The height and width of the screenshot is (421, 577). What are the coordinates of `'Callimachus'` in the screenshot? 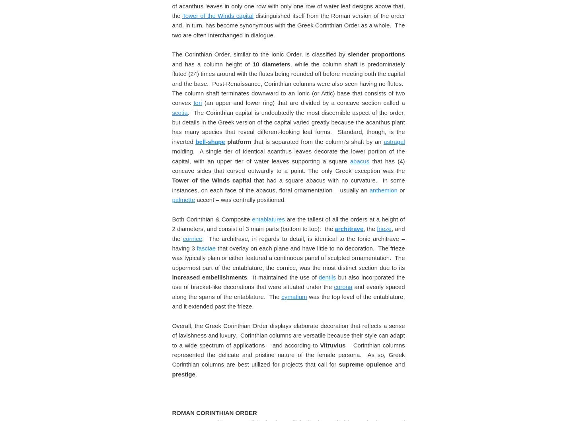 It's located at (243, 58).